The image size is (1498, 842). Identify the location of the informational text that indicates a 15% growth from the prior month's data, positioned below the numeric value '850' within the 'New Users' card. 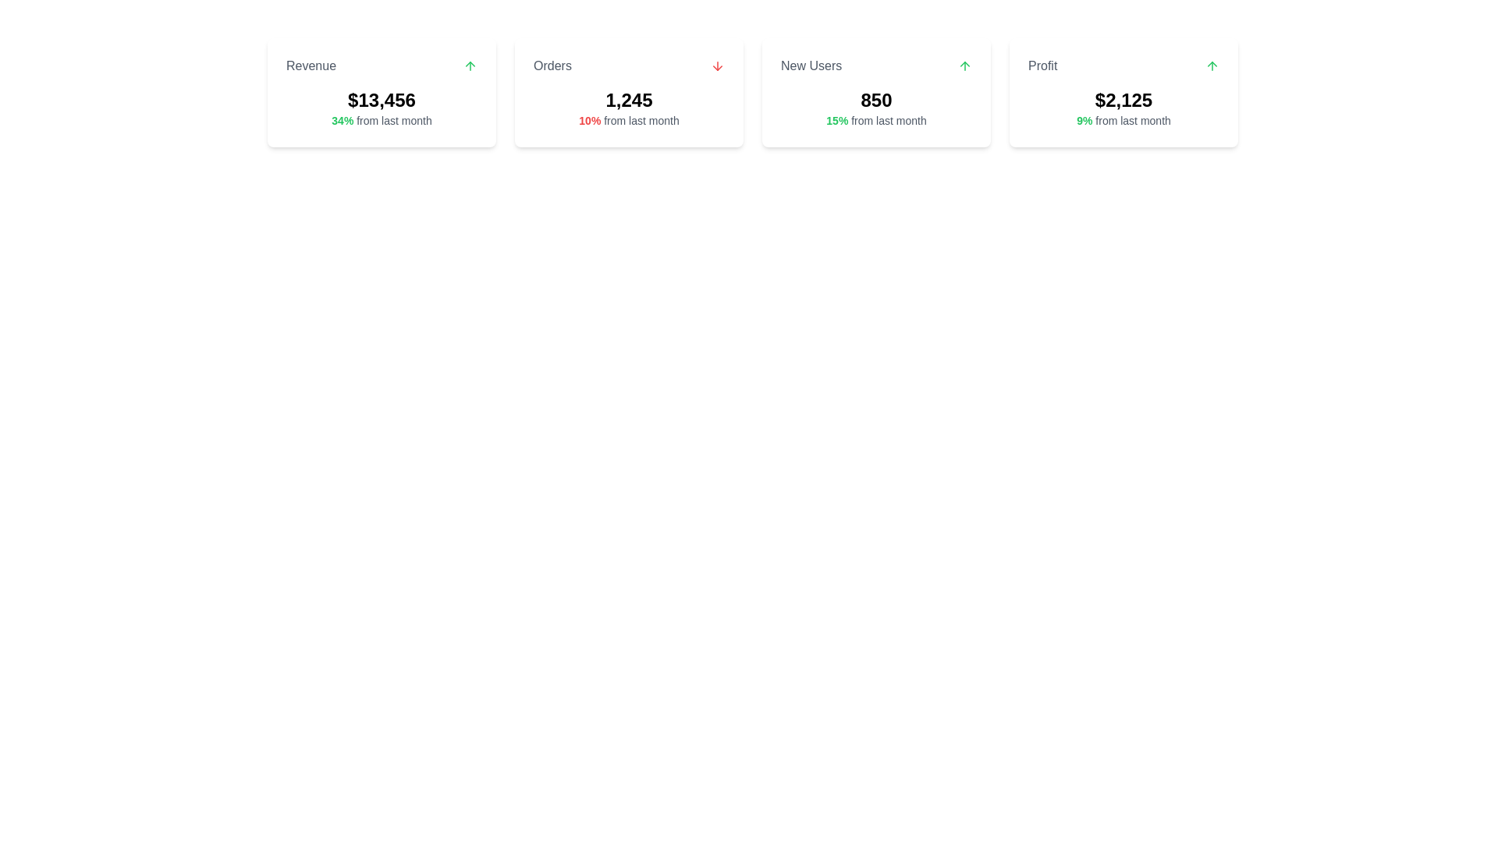
(876, 119).